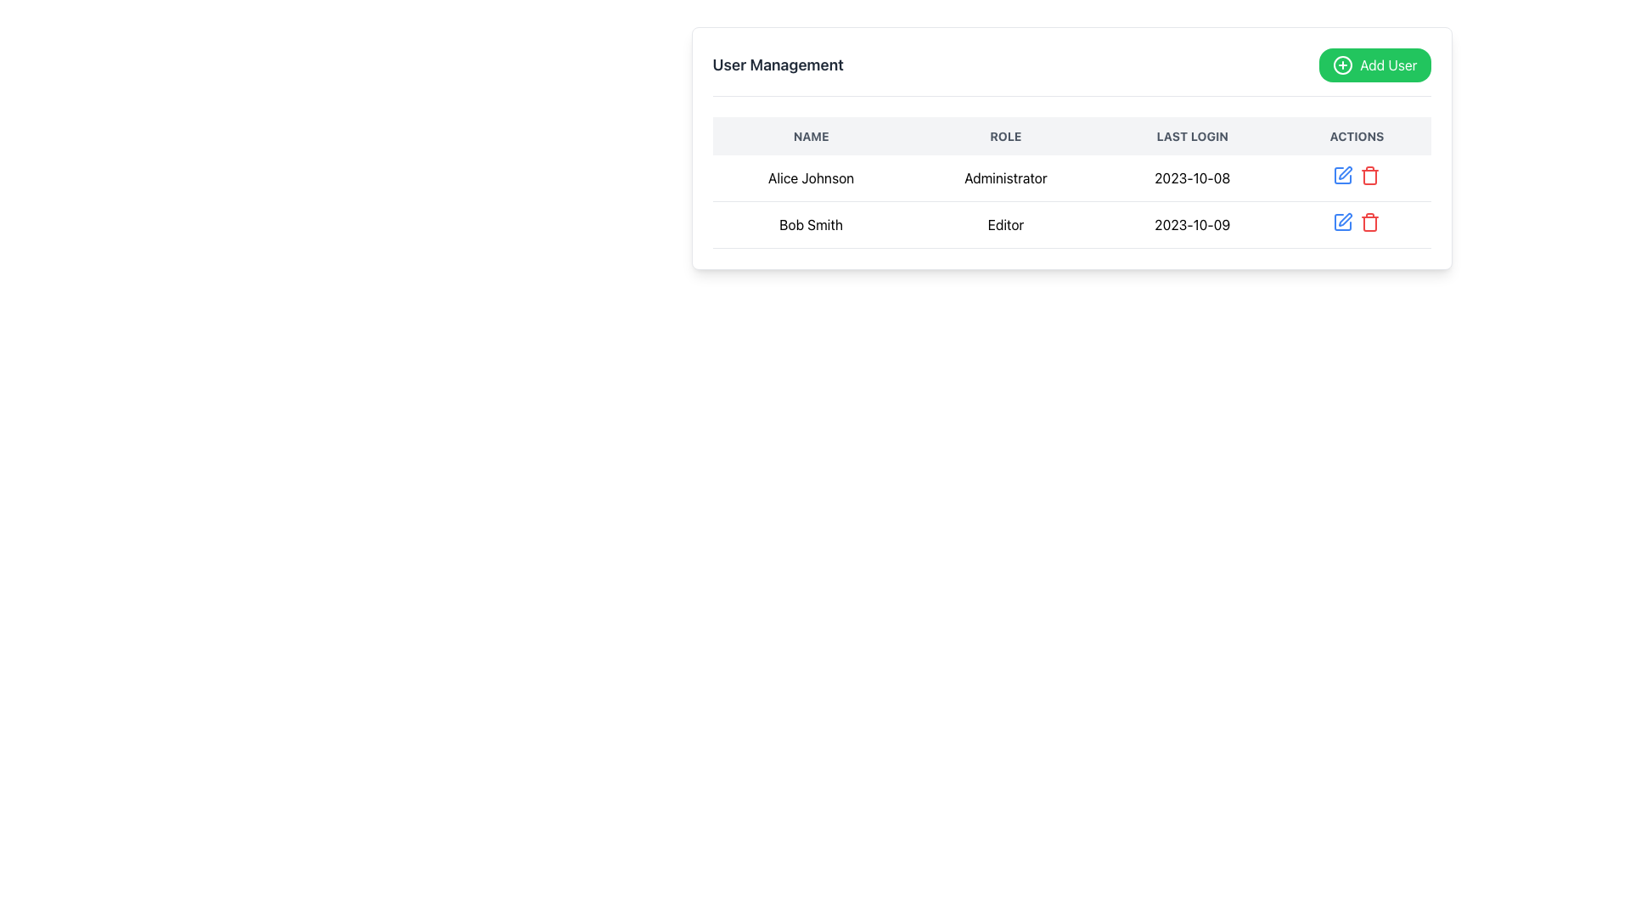 The height and width of the screenshot is (917, 1630). What do you see at coordinates (1370, 222) in the screenshot?
I see `the 'Delete' button icon in the 'Actions' column of the table for 'Bob Smith'` at bounding box center [1370, 222].